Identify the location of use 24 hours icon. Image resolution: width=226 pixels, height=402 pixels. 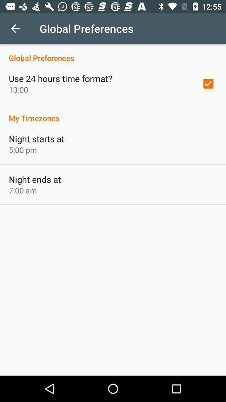
(60, 78).